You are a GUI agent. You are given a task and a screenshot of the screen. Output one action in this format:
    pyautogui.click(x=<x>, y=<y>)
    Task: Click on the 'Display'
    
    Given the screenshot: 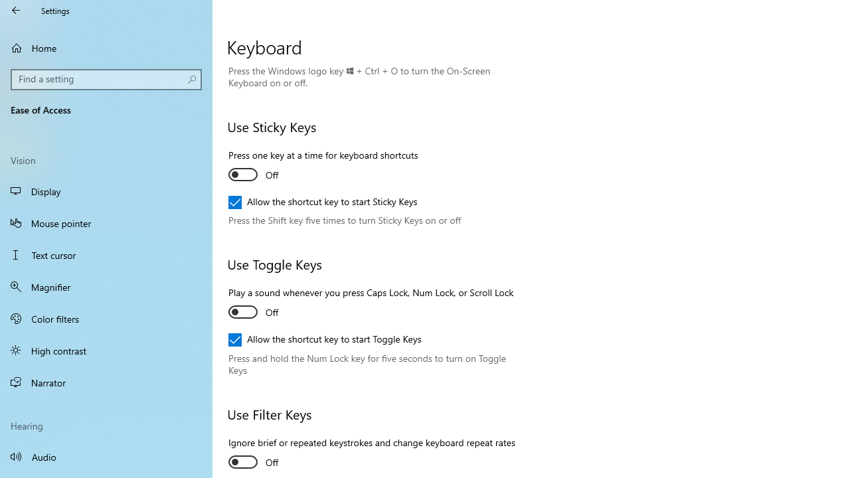 What is the action you would take?
    pyautogui.click(x=106, y=191)
    